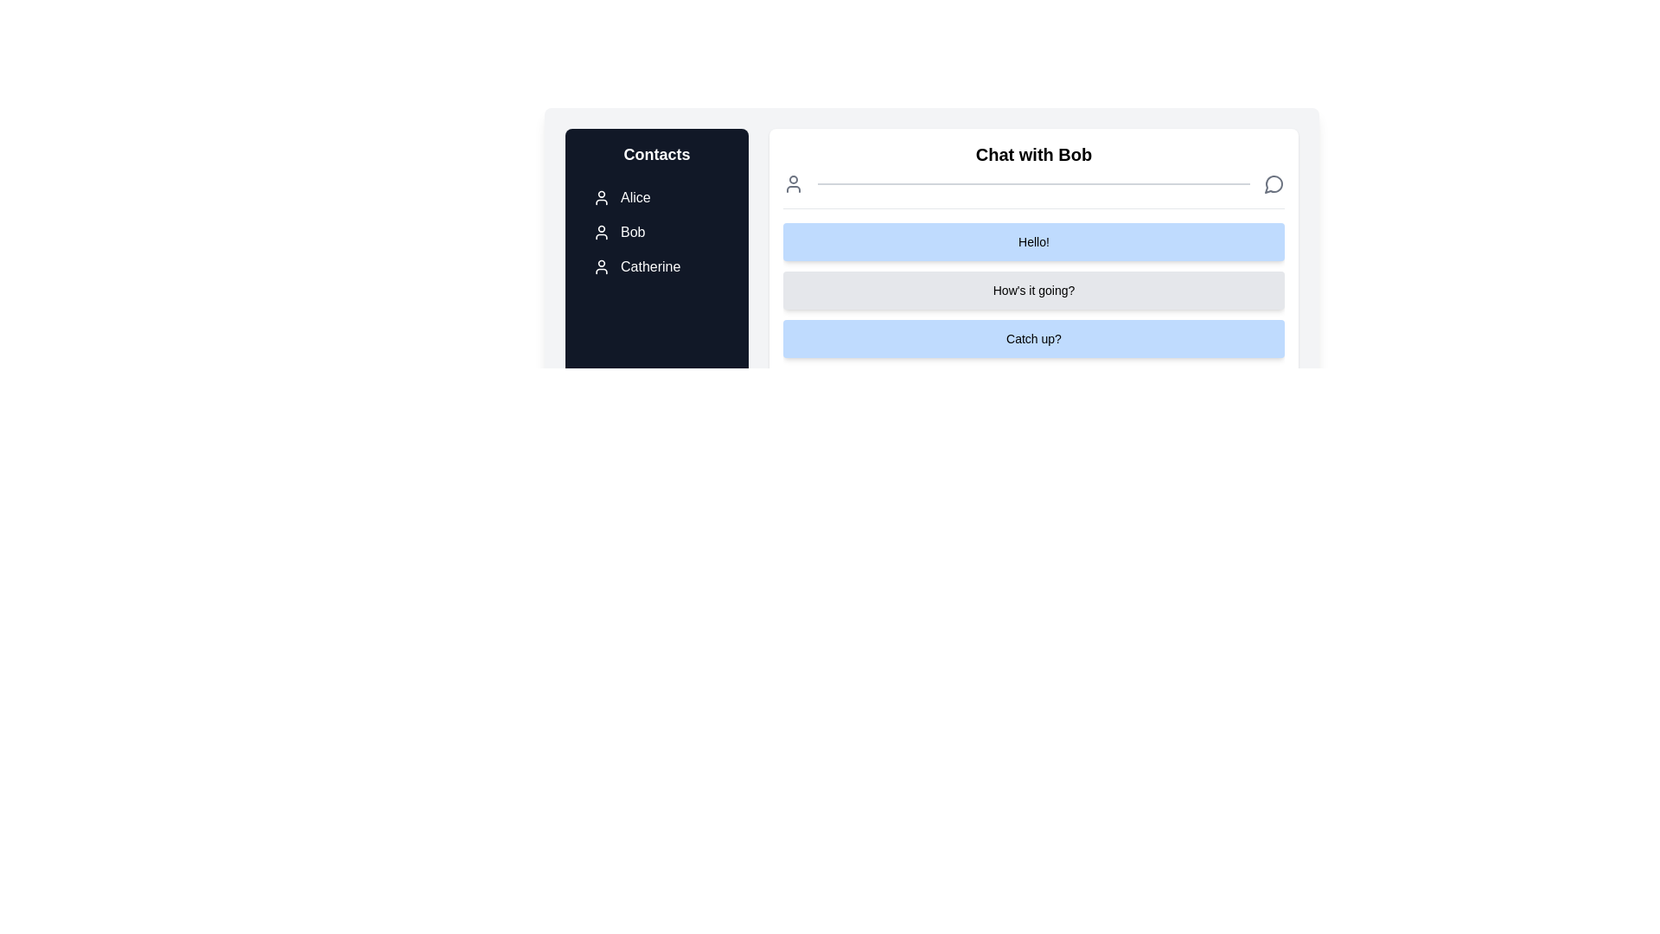 The height and width of the screenshot is (934, 1660). What do you see at coordinates (602, 266) in the screenshot?
I see `the user profile icon representing 'Catherine', which is a simple round head and semi-circular torso icon located in the sidebar under the 'Contacts' section` at bounding box center [602, 266].